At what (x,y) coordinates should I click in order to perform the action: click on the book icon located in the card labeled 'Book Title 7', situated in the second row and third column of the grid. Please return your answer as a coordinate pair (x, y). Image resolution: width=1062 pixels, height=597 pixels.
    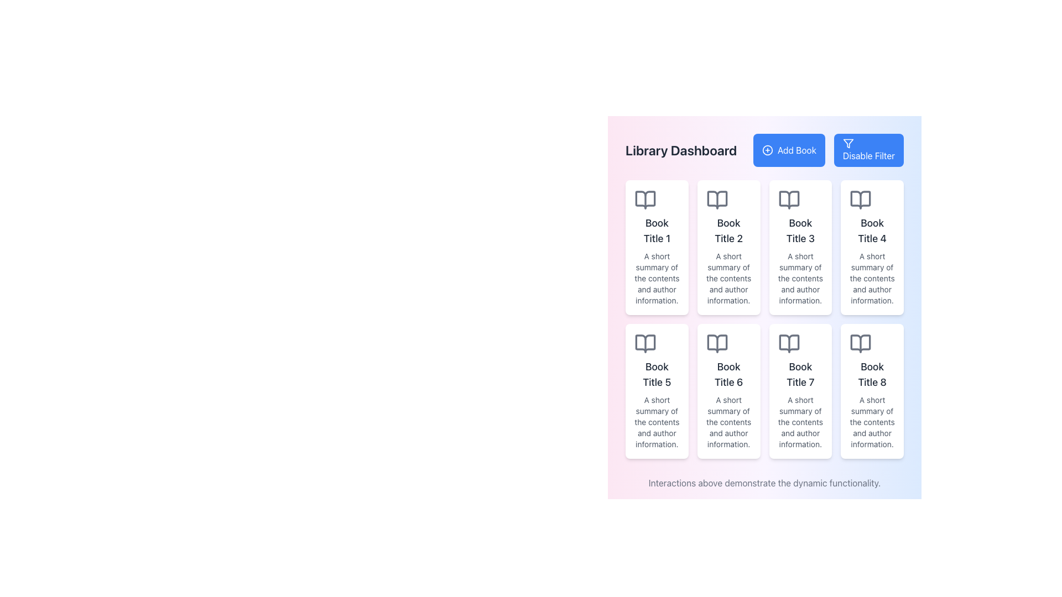
    Looking at the image, I should click on (788, 343).